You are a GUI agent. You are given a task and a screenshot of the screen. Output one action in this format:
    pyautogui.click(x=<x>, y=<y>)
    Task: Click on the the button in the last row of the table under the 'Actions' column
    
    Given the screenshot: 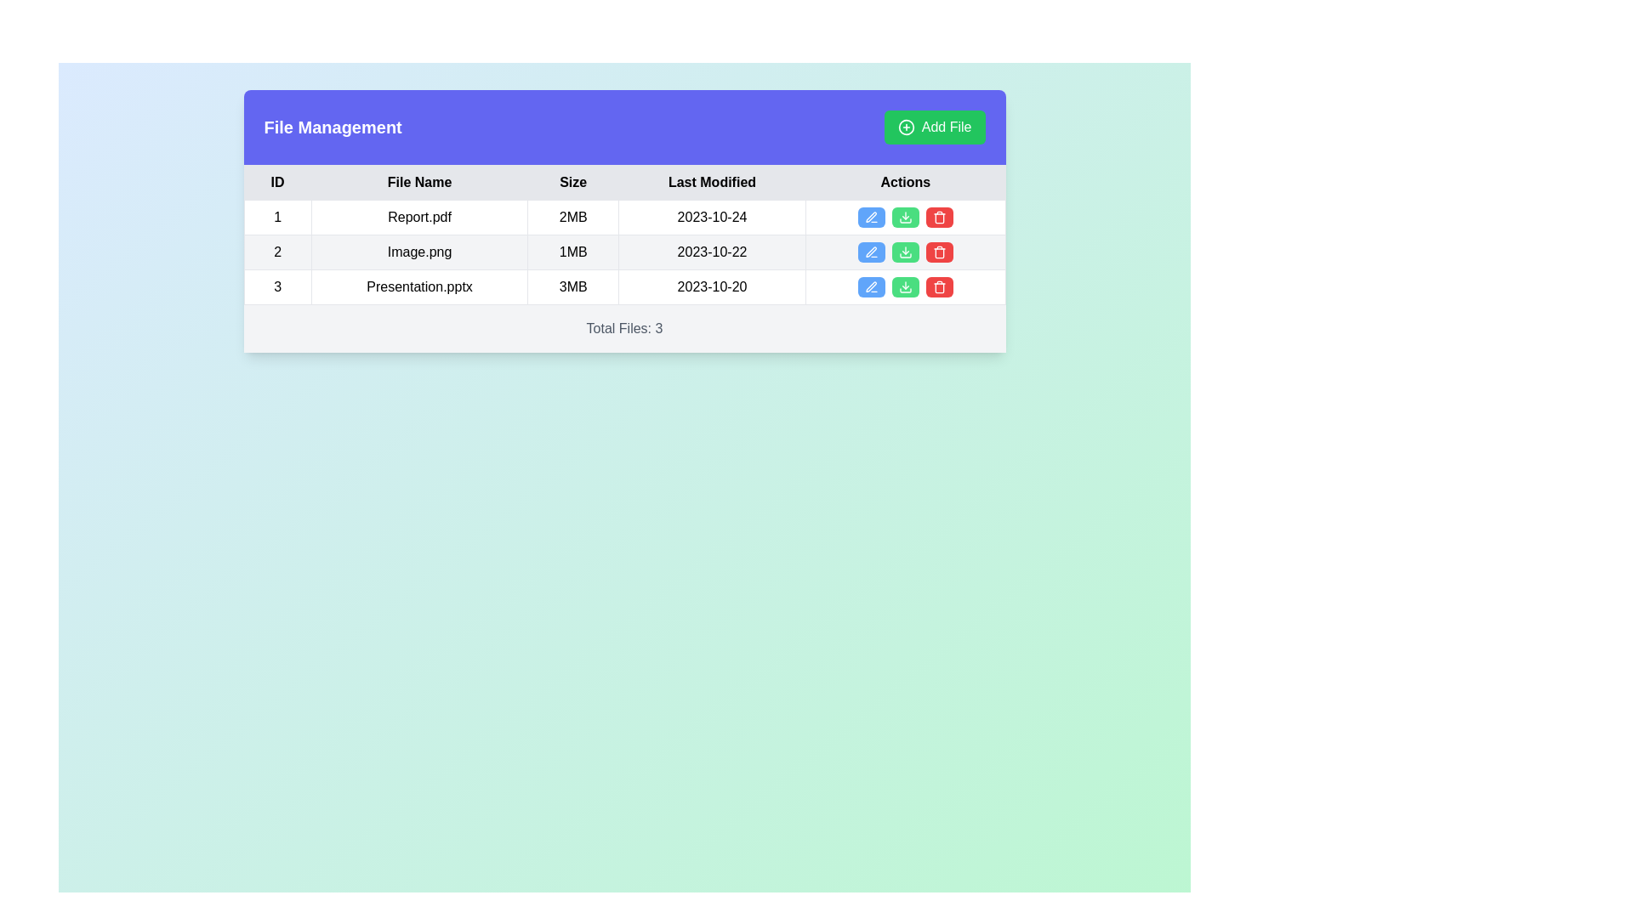 What is the action you would take?
    pyautogui.click(x=904, y=286)
    